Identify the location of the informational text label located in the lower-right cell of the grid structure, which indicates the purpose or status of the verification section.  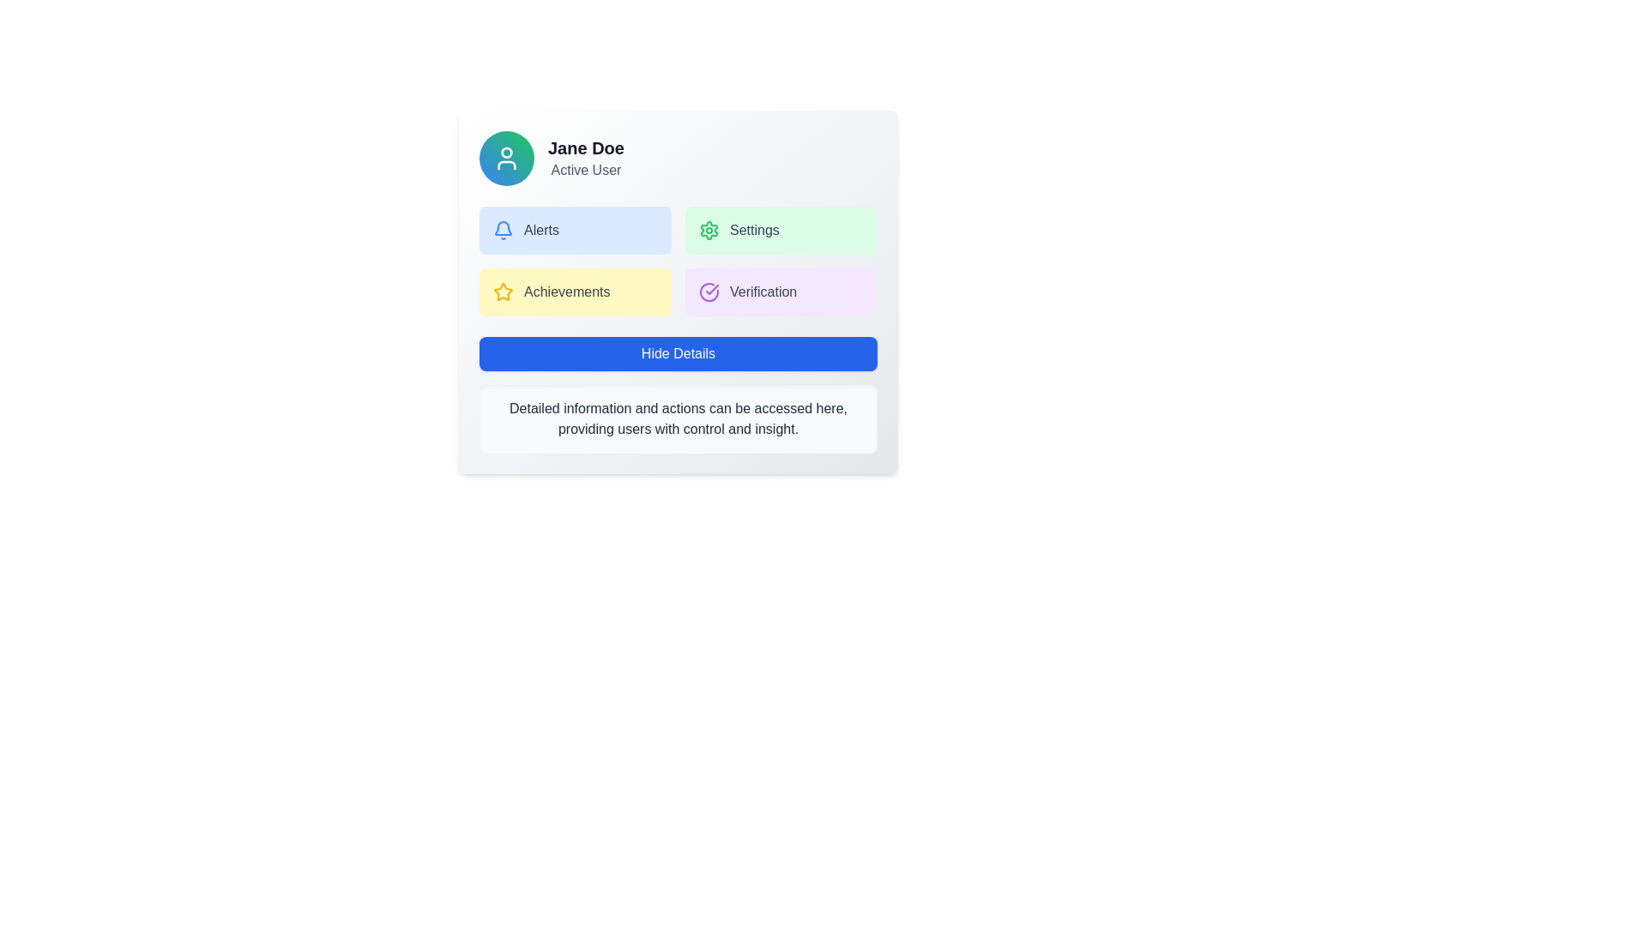
(763, 291).